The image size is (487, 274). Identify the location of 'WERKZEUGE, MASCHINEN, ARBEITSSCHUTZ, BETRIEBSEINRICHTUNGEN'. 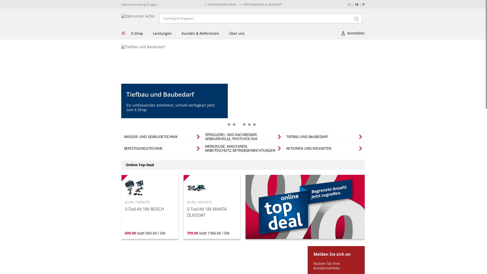
(242, 148).